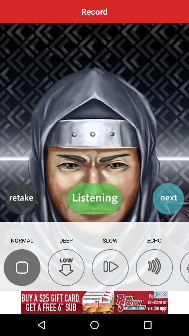 The image size is (189, 336). What do you see at coordinates (22, 267) in the screenshot?
I see `use normal voice` at bounding box center [22, 267].